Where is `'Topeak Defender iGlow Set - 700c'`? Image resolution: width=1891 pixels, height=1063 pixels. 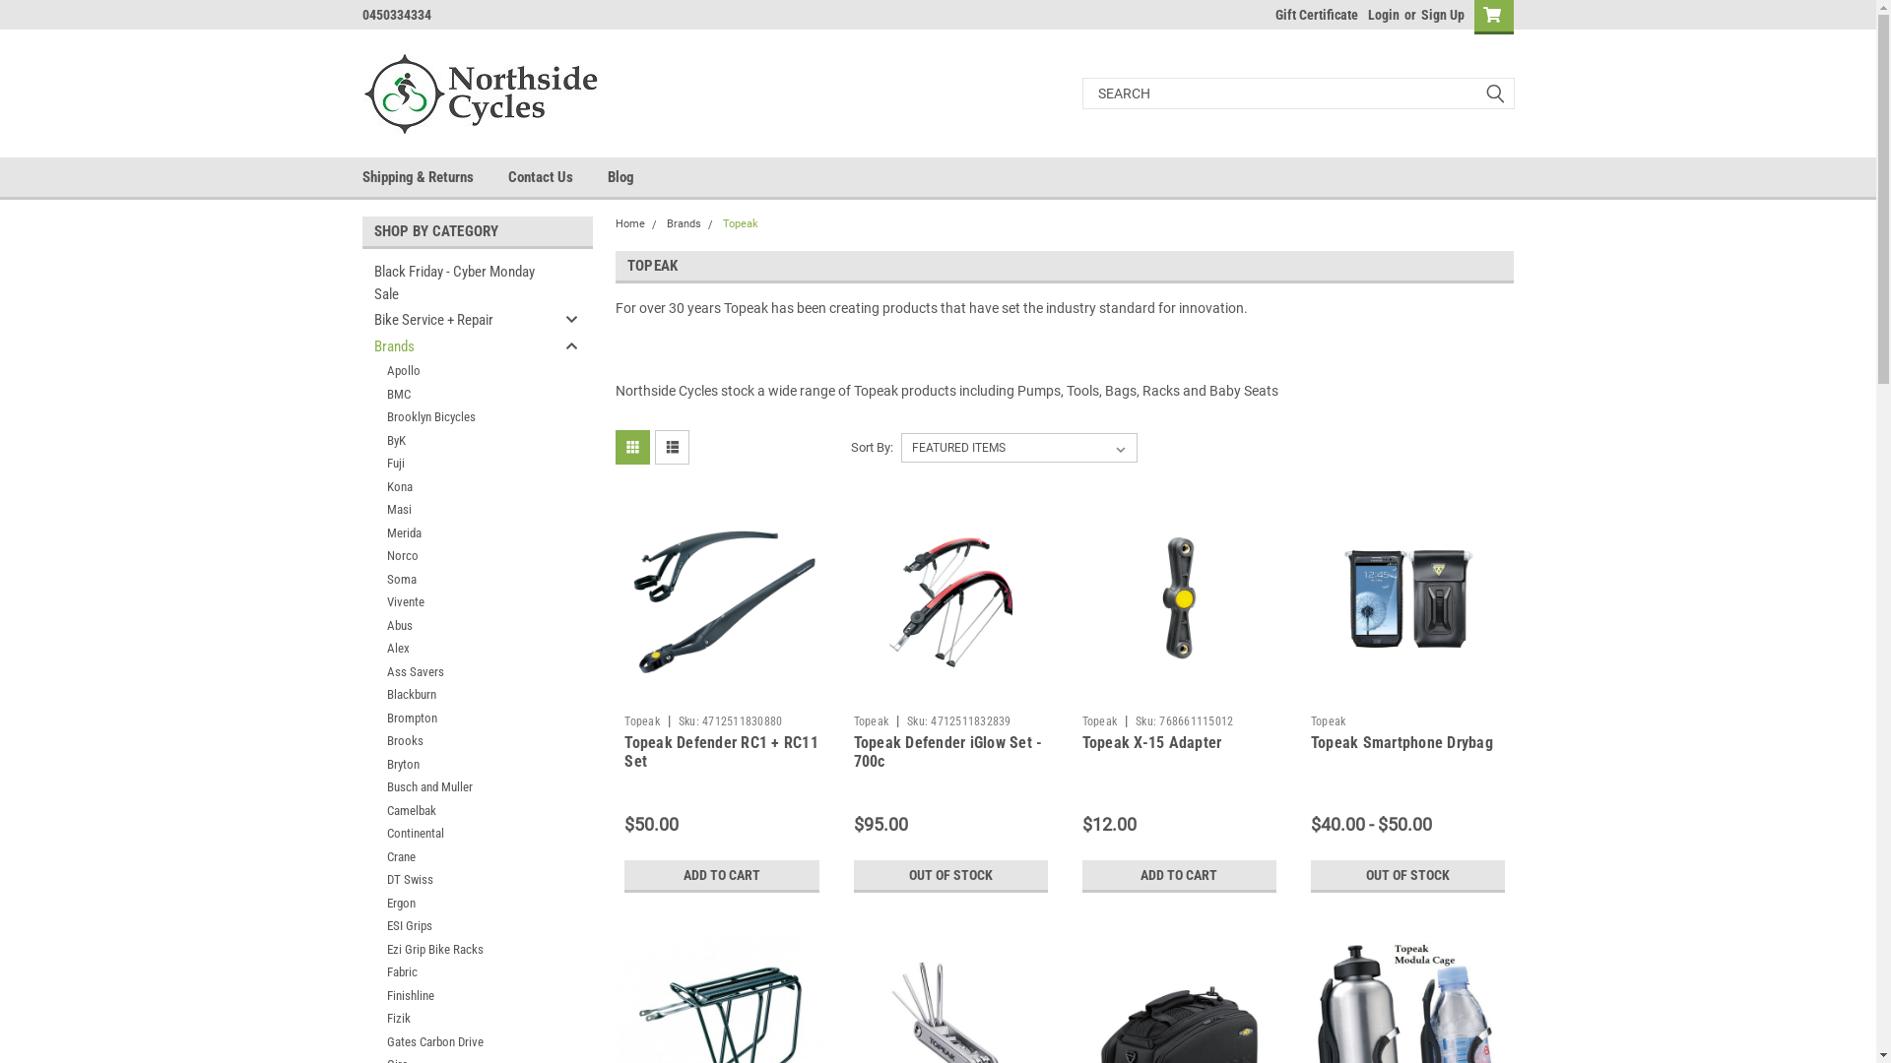
'Topeak Defender iGlow Set - 700c' is located at coordinates (854, 752).